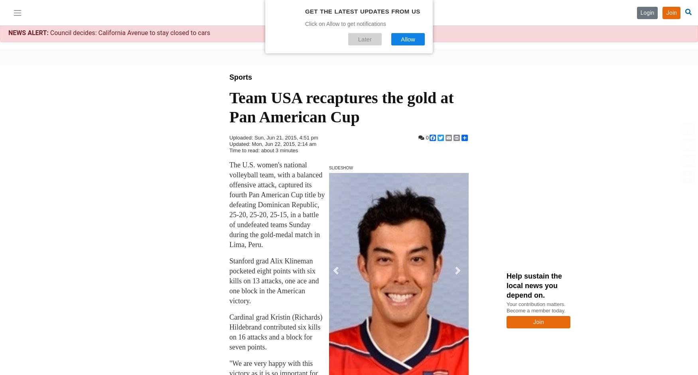 The width and height of the screenshot is (698, 375). Describe the element at coordinates (129, 32) in the screenshot. I see `'Council decides: California Avenue to stay closed to cars'` at that location.